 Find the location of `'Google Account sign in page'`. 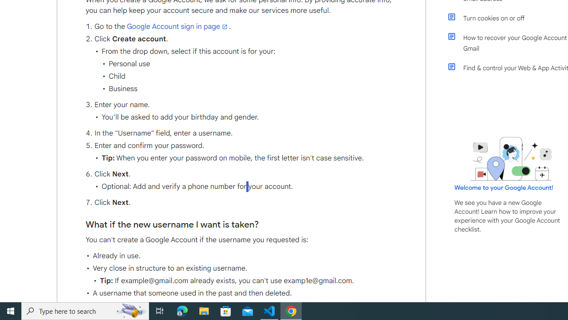

'Google Account sign in page' is located at coordinates (177, 26).